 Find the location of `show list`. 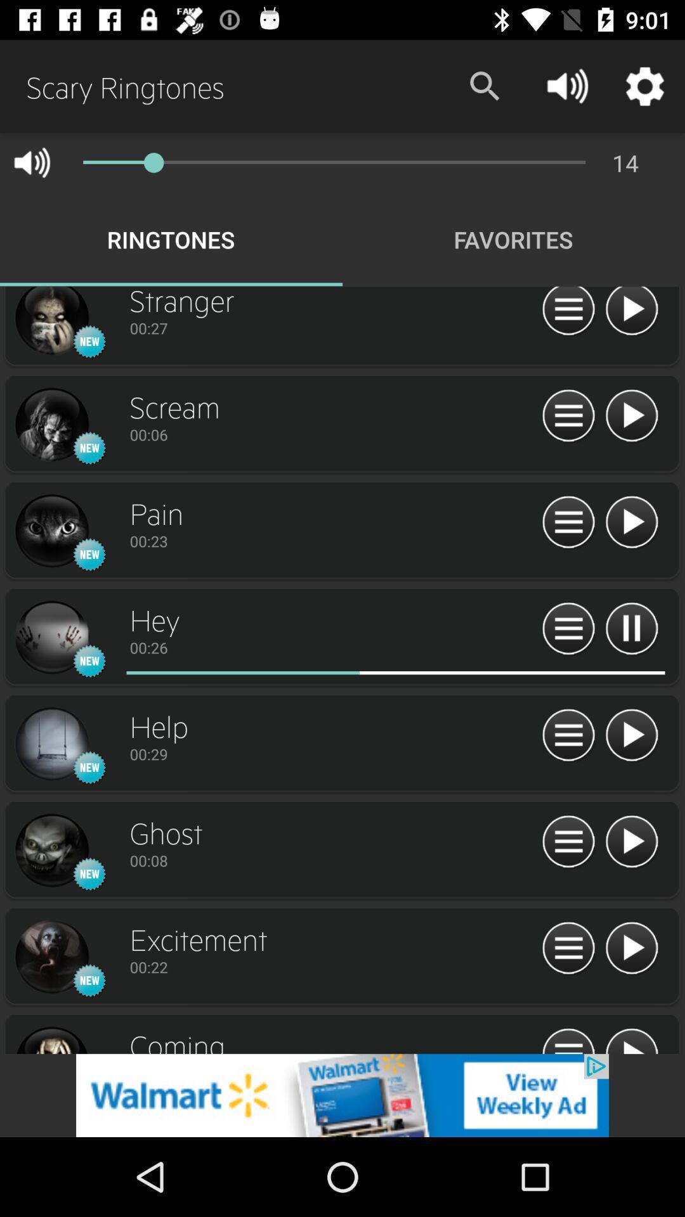

show list is located at coordinates (568, 523).